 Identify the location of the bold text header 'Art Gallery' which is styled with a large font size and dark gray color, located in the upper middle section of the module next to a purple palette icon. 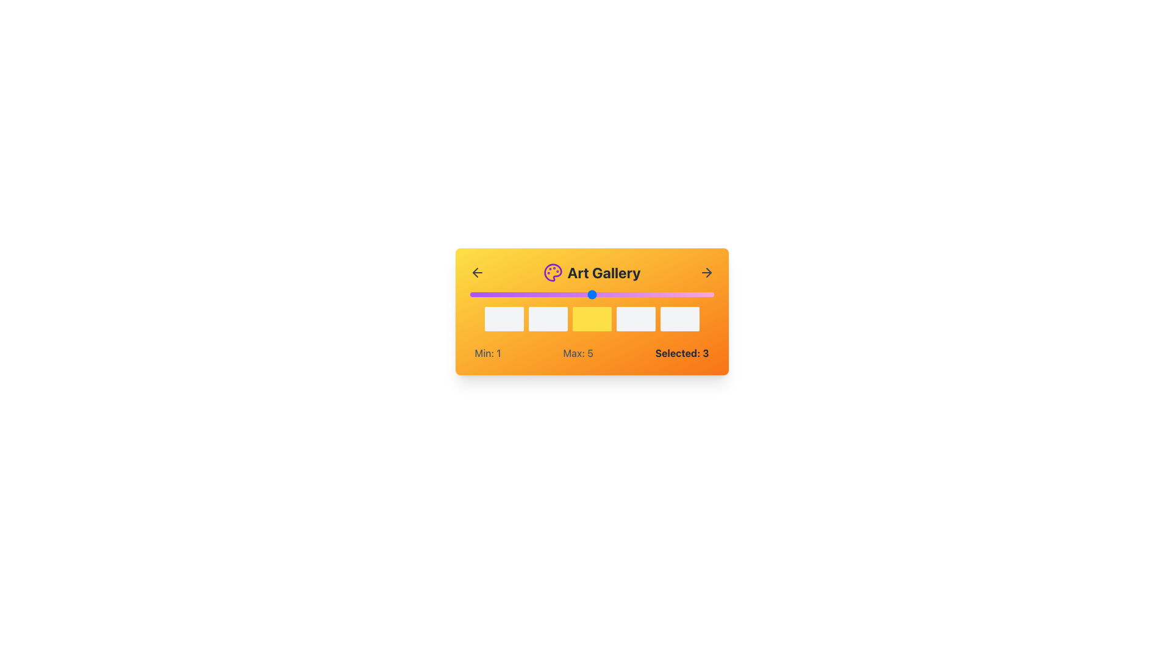
(592, 272).